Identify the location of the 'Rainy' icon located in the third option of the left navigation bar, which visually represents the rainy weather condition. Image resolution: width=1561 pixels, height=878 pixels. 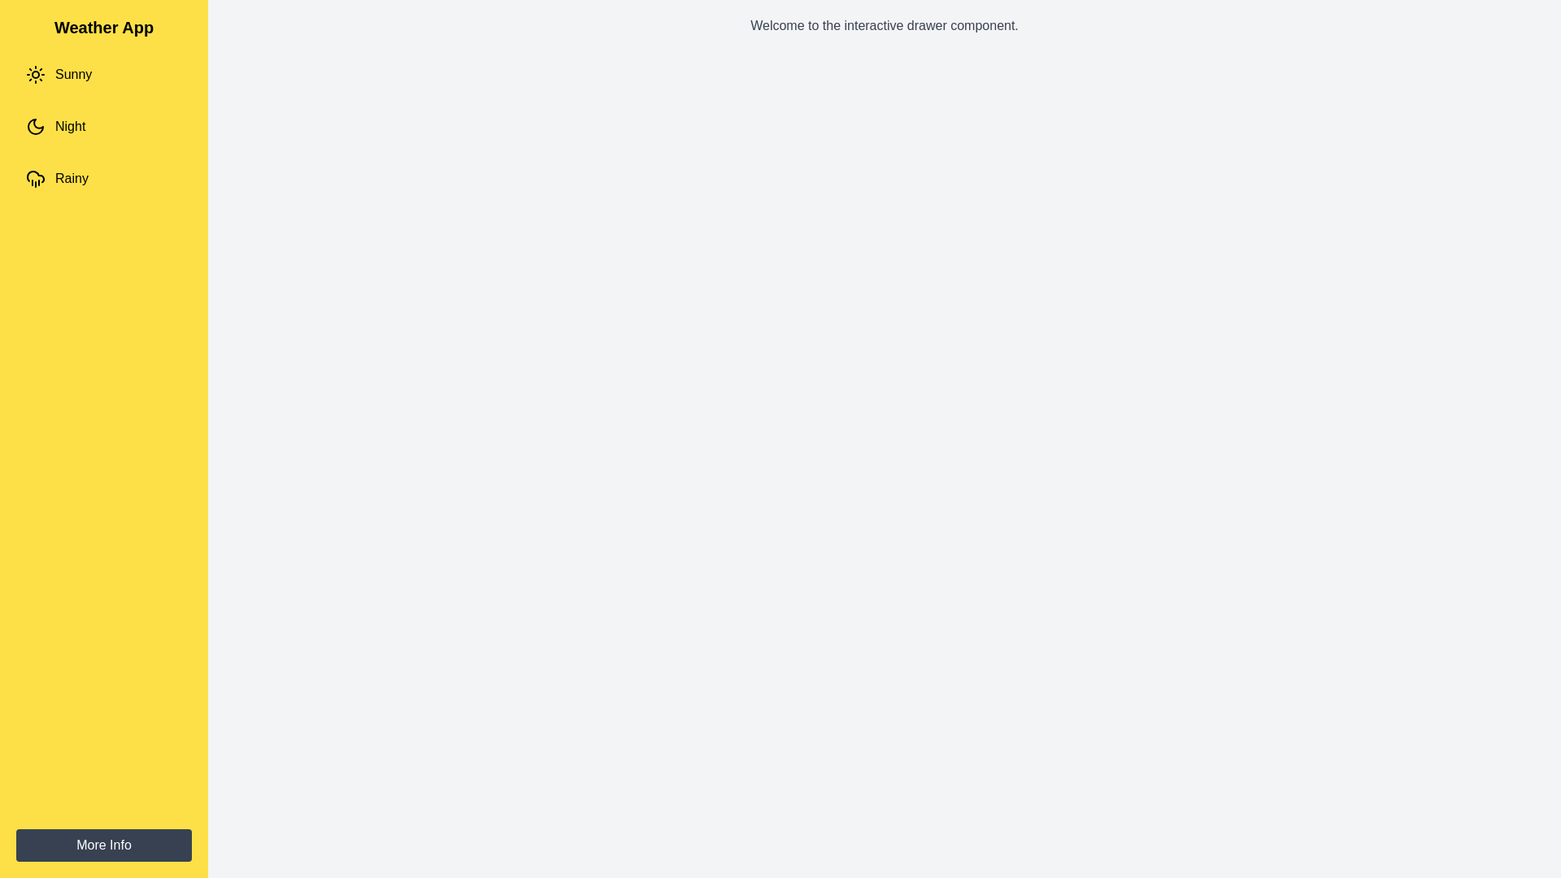
(35, 178).